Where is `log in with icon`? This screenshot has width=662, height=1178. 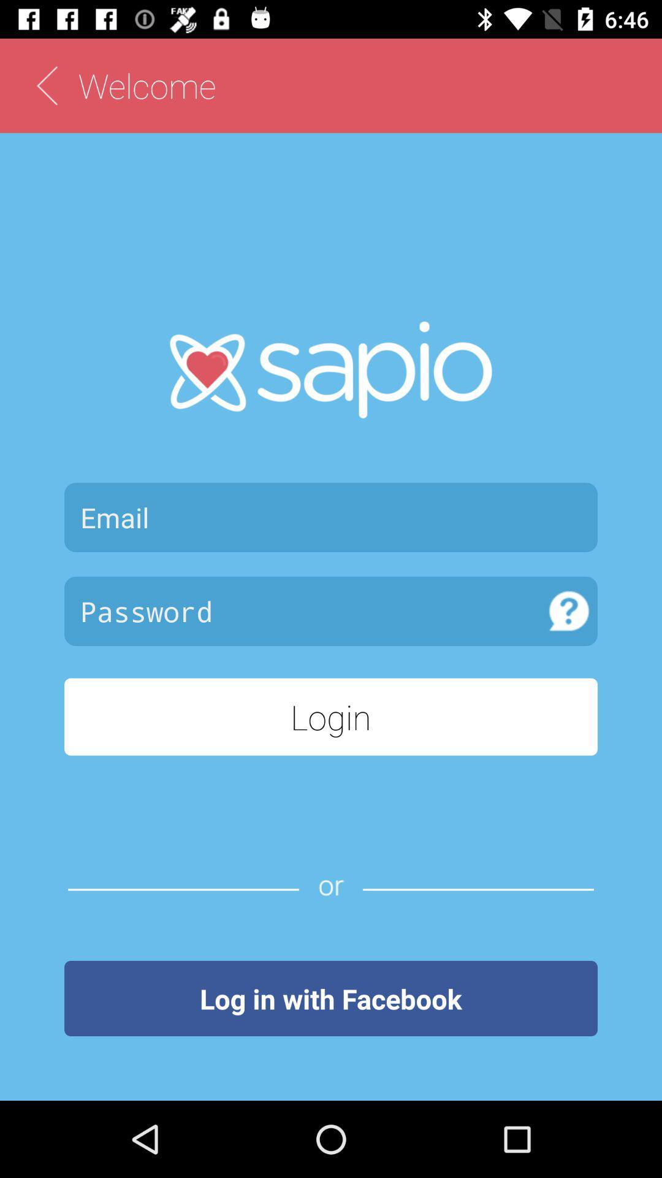
log in with icon is located at coordinates (331, 998).